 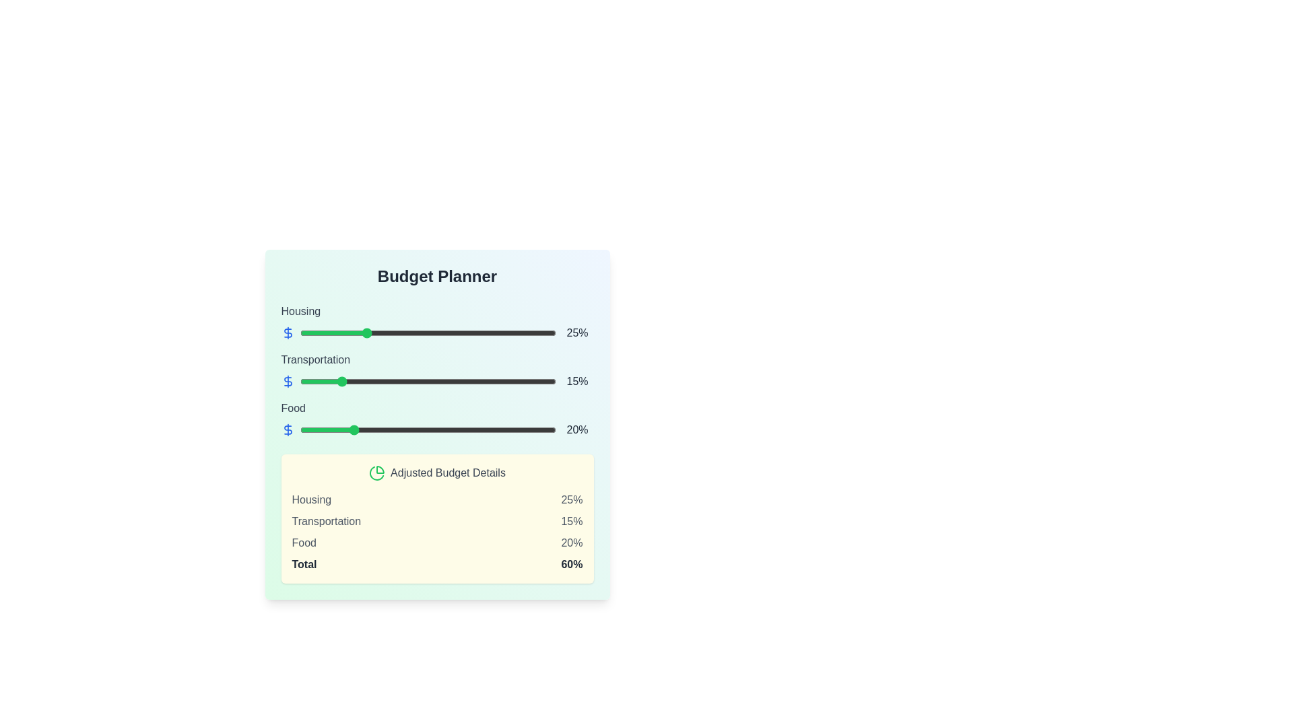 I want to click on transportation budget percentage, so click(x=322, y=382).